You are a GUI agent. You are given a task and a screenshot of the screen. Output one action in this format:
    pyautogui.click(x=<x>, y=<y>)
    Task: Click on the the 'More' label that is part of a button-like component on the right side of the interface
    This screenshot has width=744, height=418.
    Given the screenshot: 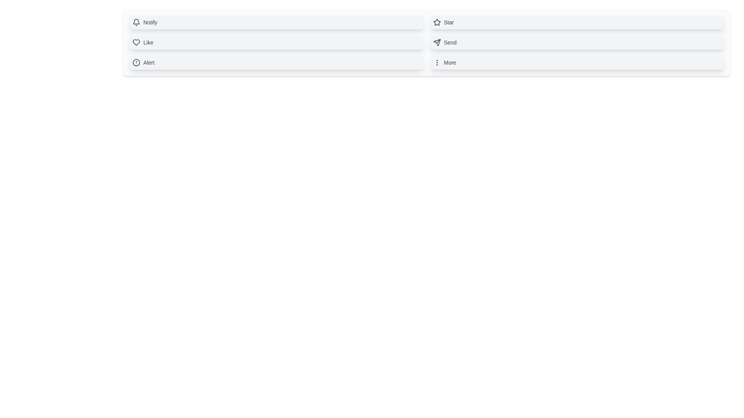 What is the action you would take?
    pyautogui.click(x=450, y=62)
    